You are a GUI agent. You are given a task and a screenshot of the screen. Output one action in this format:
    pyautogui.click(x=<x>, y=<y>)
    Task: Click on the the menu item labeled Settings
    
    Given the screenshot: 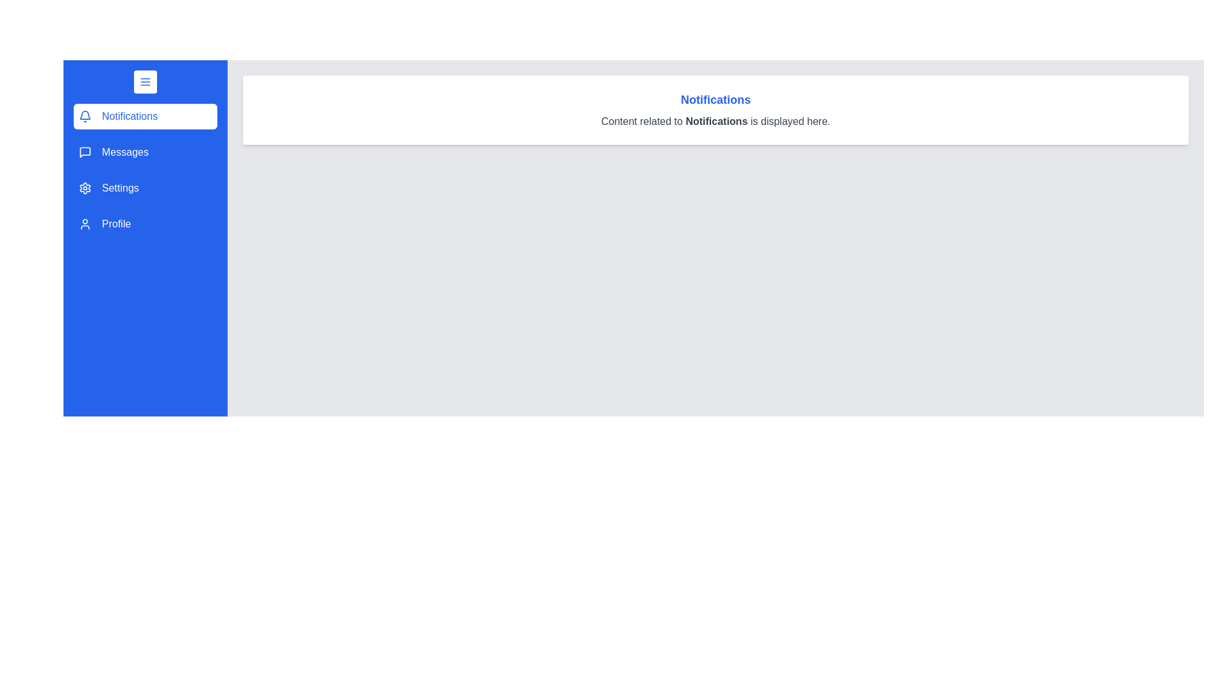 What is the action you would take?
    pyautogui.click(x=145, y=188)
    